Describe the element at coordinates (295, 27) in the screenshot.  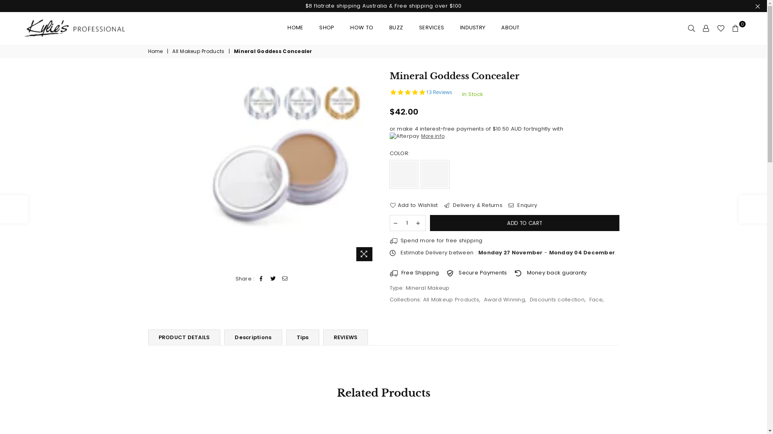
I see `'HOME'` at that location.